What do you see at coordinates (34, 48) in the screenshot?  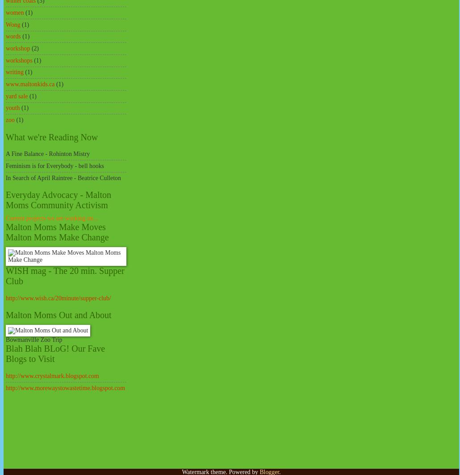 I see `'(2)'` at bounding box center [34, 48].